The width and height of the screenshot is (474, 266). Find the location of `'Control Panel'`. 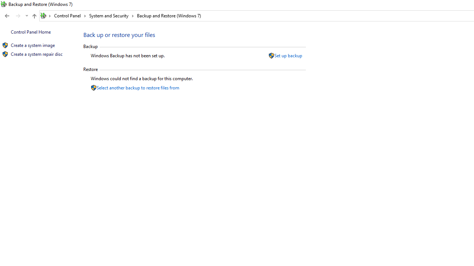

'Control Panel' is located at coordinates (70, 16).